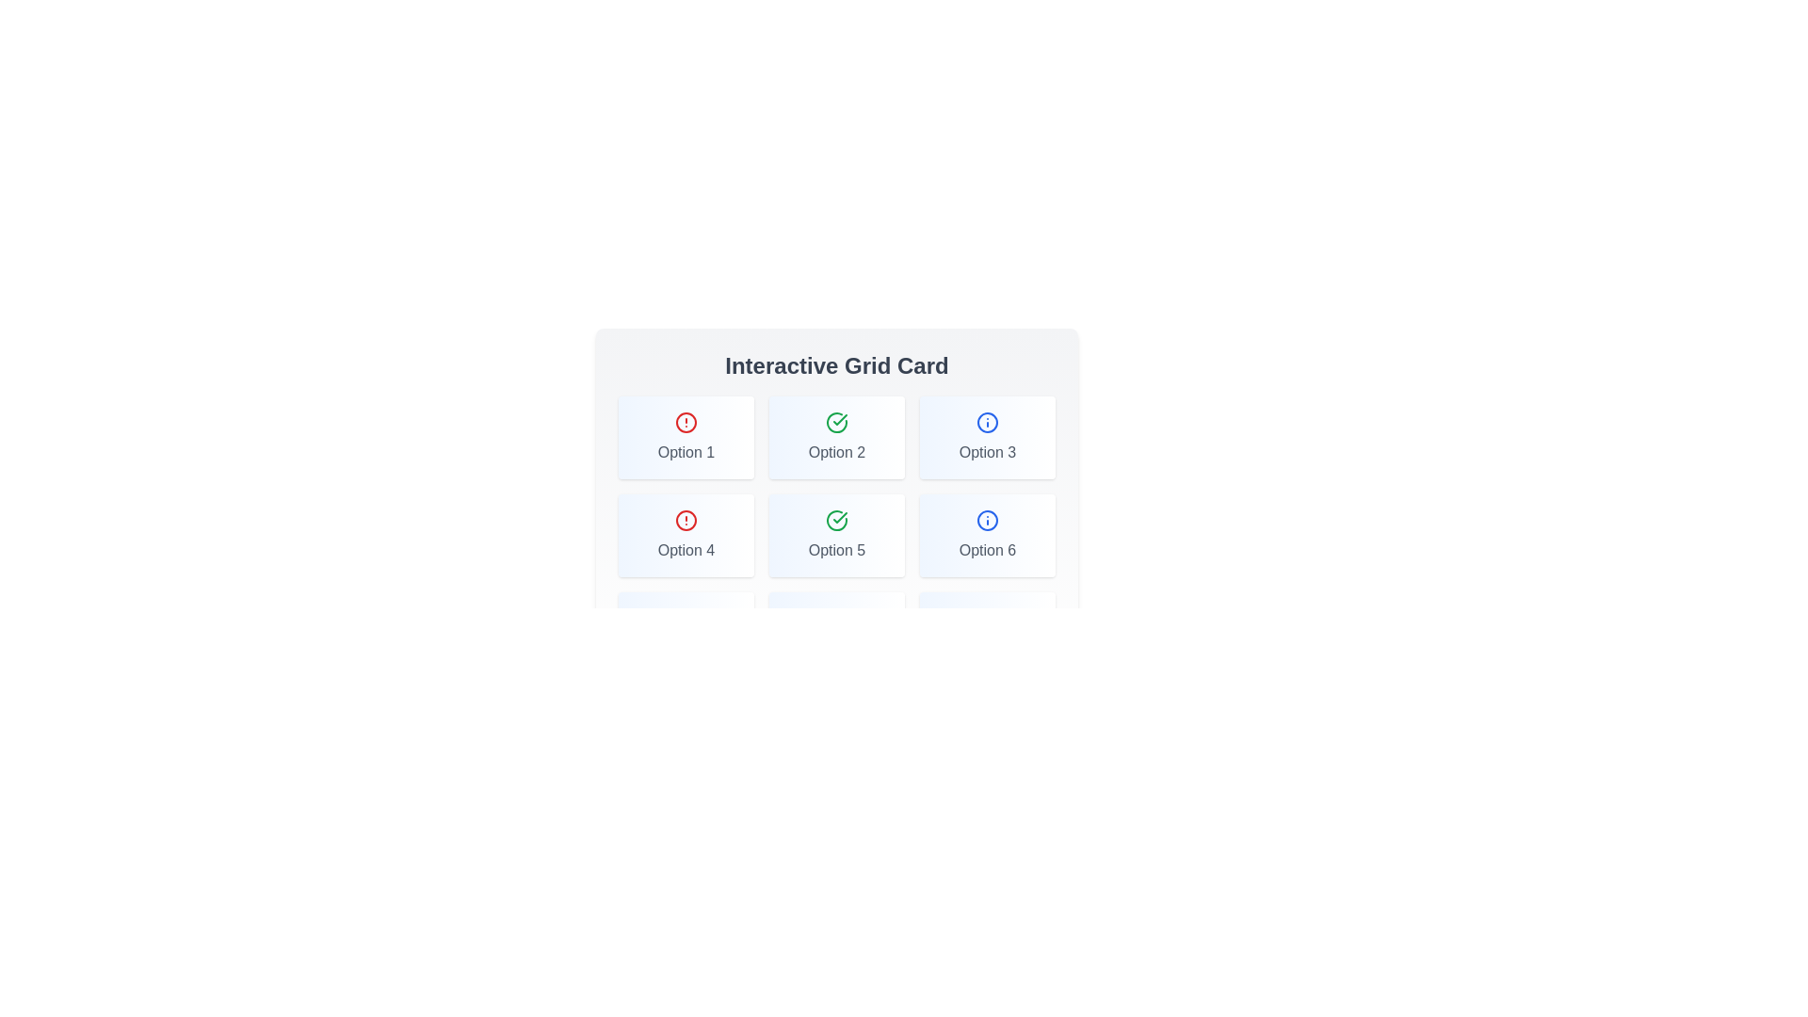 The height and width of the screenshot is (1017, 1808). I want to click on the circular icon with a green outline and checkmark inside, located in the fifth option slot labeled 'Option 5' in the interactive grid card interface, so click(835, 421).